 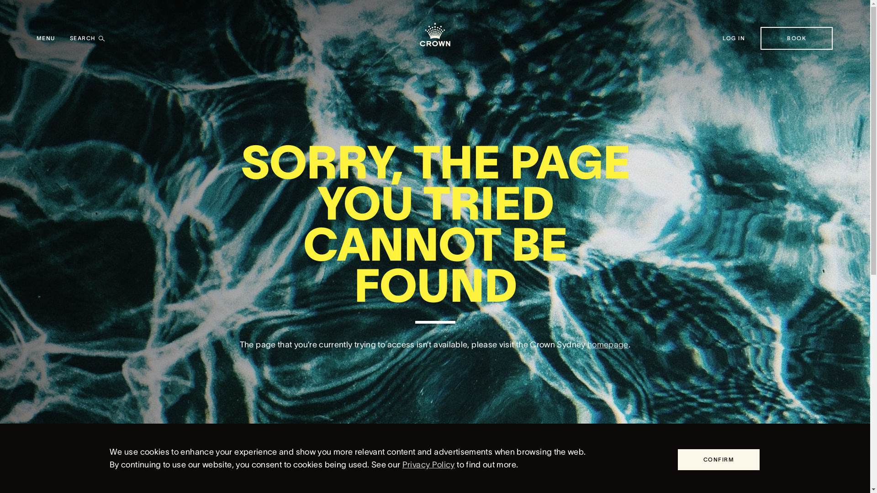 What do you see at coordinates (796, 38) in the screenshot?
I see `'BOOK'` at bounding box center [796, 38].